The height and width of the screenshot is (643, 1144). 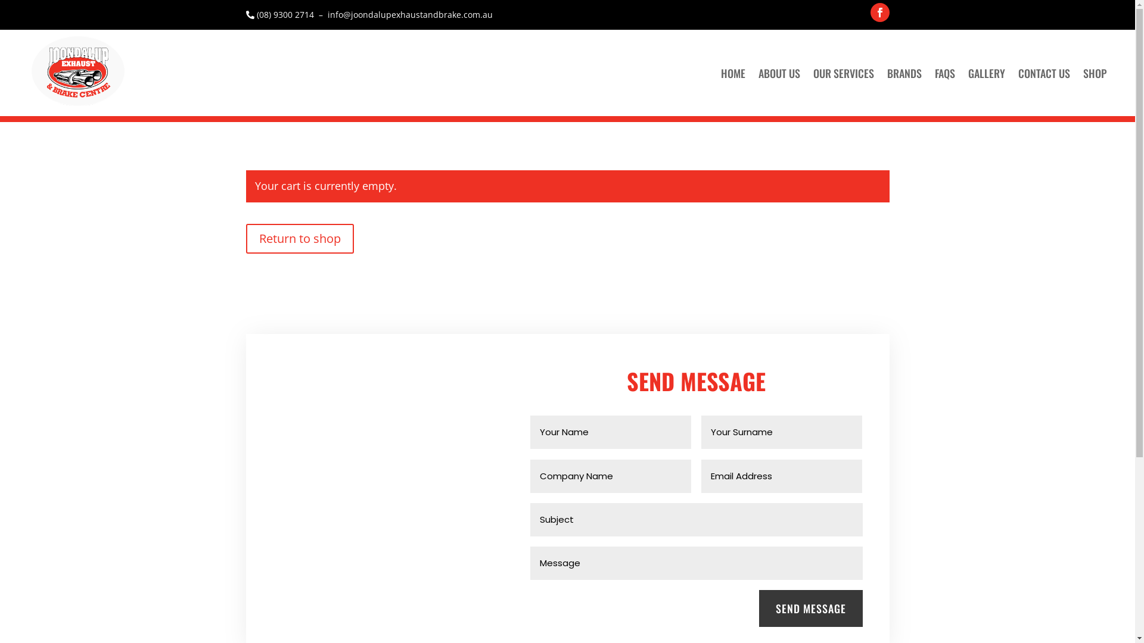 I want to click on 'SEND MESSAGE', so click(x=810, y=608).